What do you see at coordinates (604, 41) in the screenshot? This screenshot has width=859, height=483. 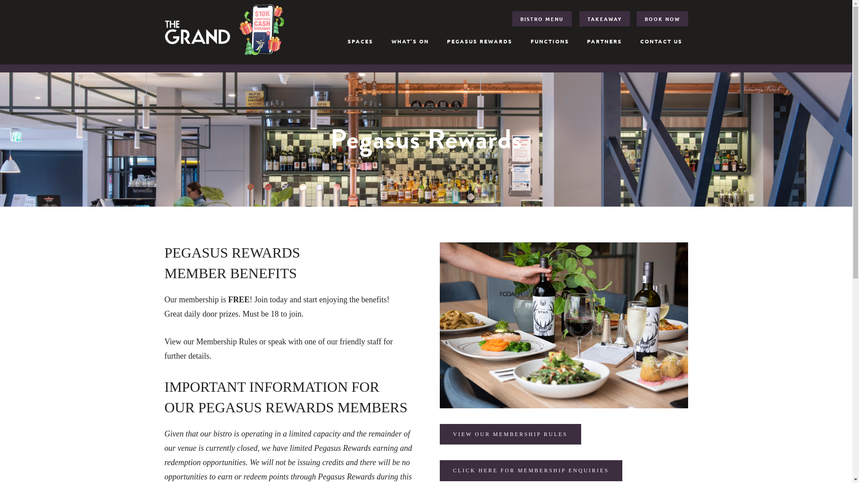 I see `'PARTNERS'` at bounding box center [604, 41].